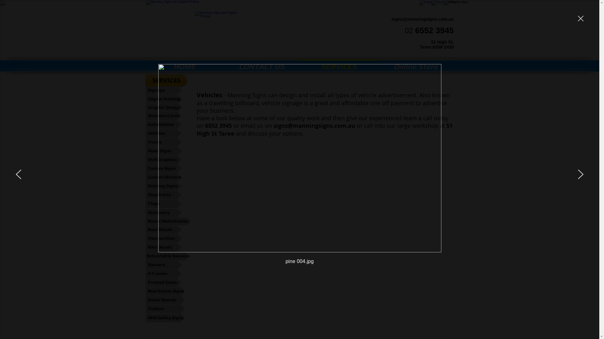 This screenshot has height=339, width=604. What do you see at coordinates (165, 318) in the screenshot?
I see `'OHS Safety Signs'` at bounding box center [165, 318].